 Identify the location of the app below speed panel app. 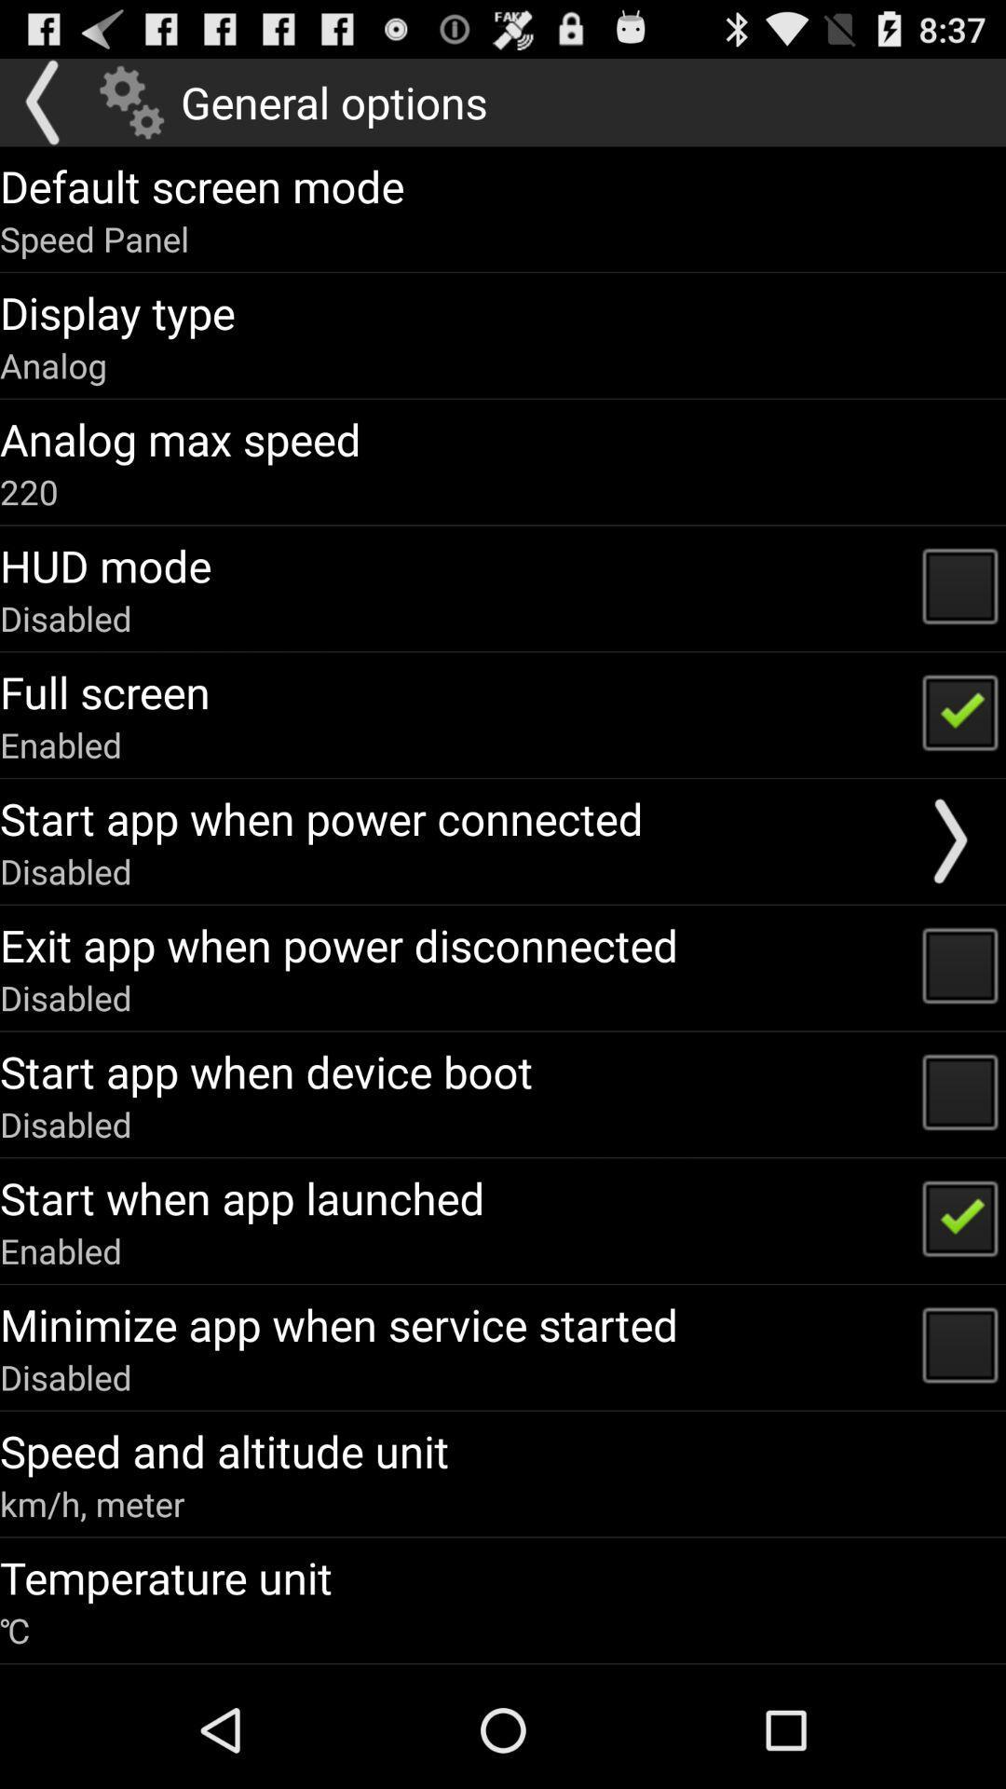
(117, 312).